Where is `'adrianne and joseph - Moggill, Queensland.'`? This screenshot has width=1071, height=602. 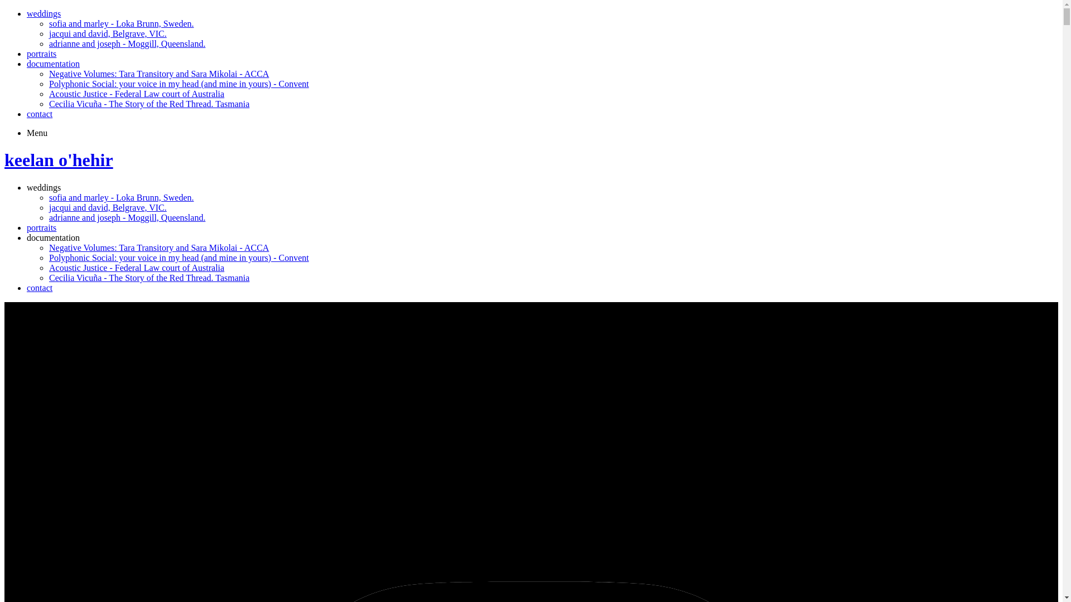
'adrianne and joseph - Moggill, Queensland.' is located at coordinates (127, 43).